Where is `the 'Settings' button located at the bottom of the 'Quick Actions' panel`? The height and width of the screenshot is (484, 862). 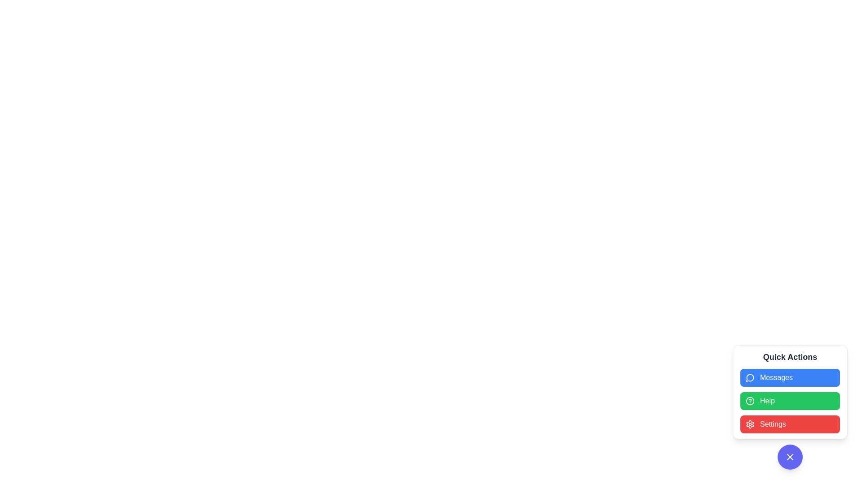 the 'Settings' button located at the bottom of the 'Quick Actions' panel is located at coordinates (790, 424).